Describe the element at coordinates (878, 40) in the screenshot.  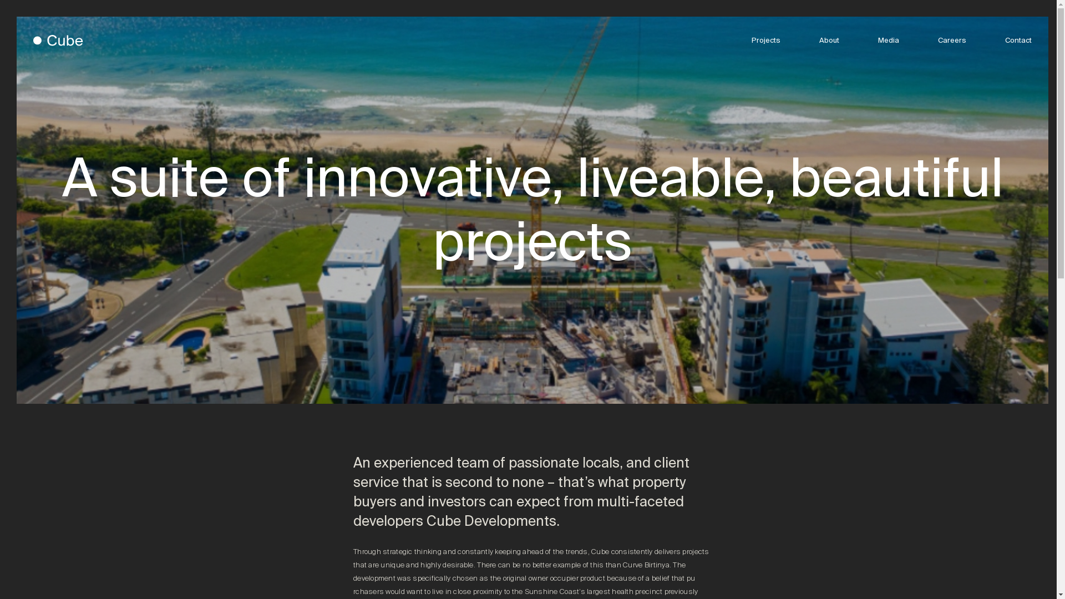
I see `'Media'` at that location.